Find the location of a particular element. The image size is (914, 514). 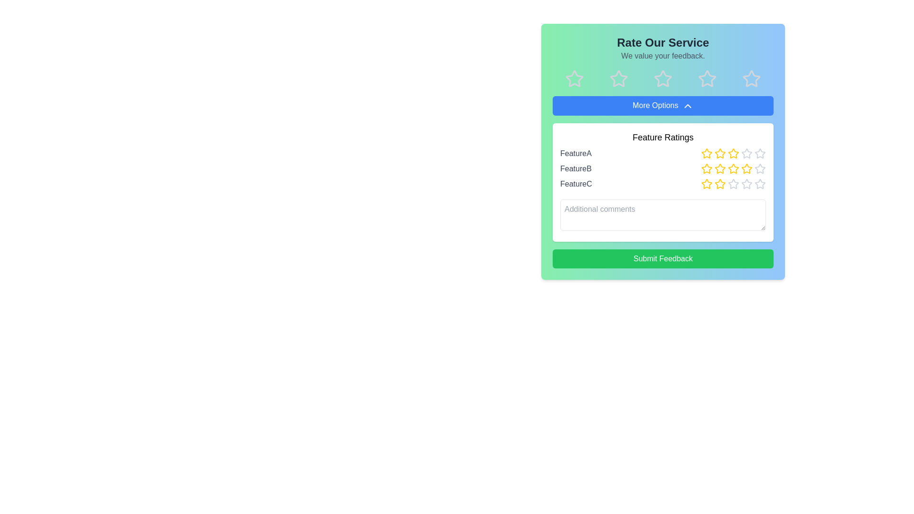

the star icons in the Rating row for 'FeatureA' is located at coordinates (662, 152).